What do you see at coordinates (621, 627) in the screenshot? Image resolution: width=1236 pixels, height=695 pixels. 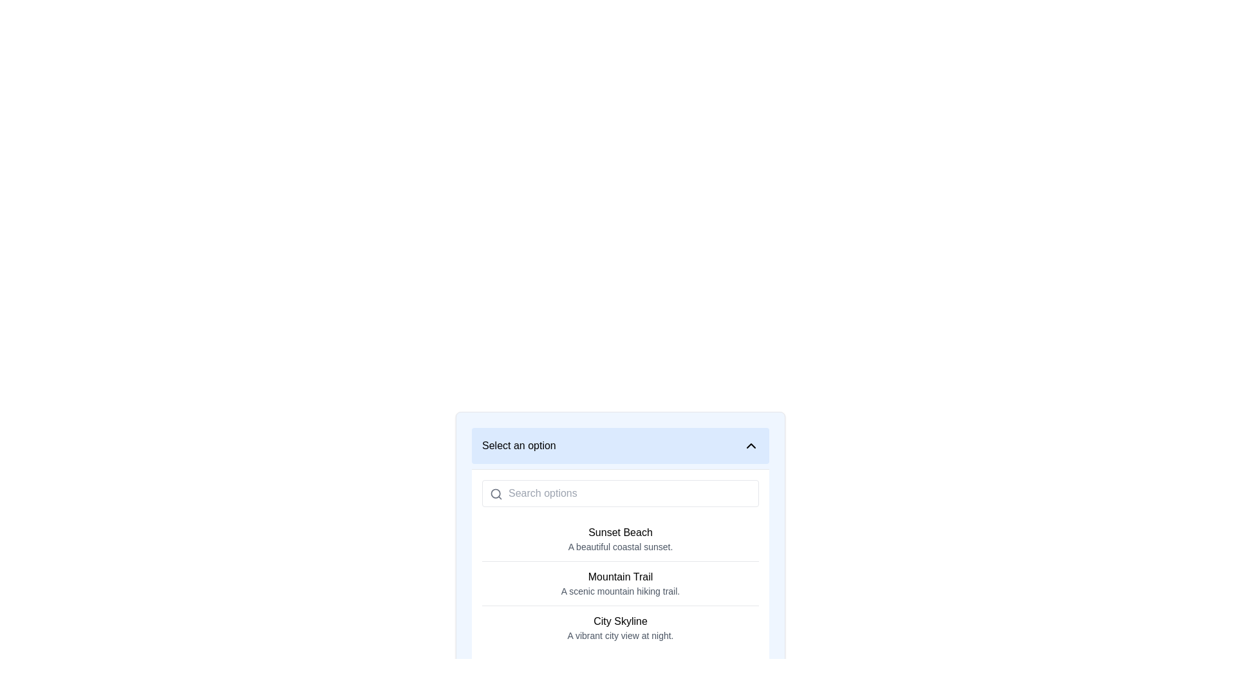 I see `the selectable option in the list for 'City Skyline'` at bounding box center [621, 627].